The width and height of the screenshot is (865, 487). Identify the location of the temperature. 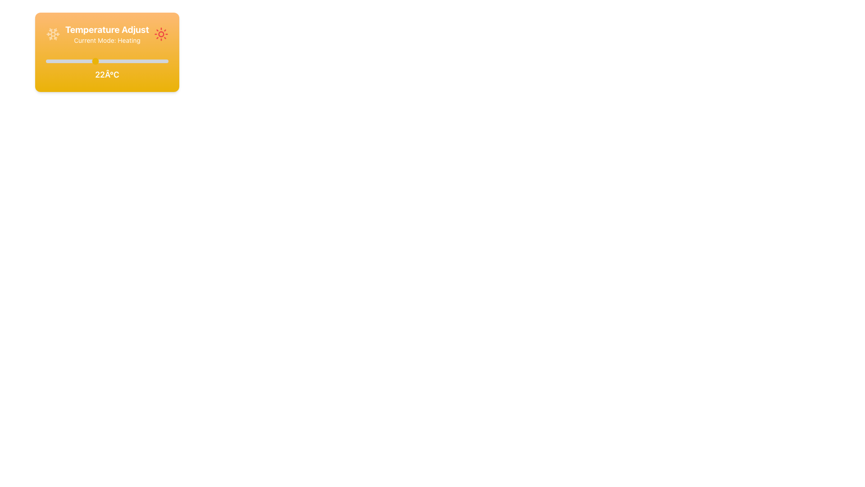
(95, 61).